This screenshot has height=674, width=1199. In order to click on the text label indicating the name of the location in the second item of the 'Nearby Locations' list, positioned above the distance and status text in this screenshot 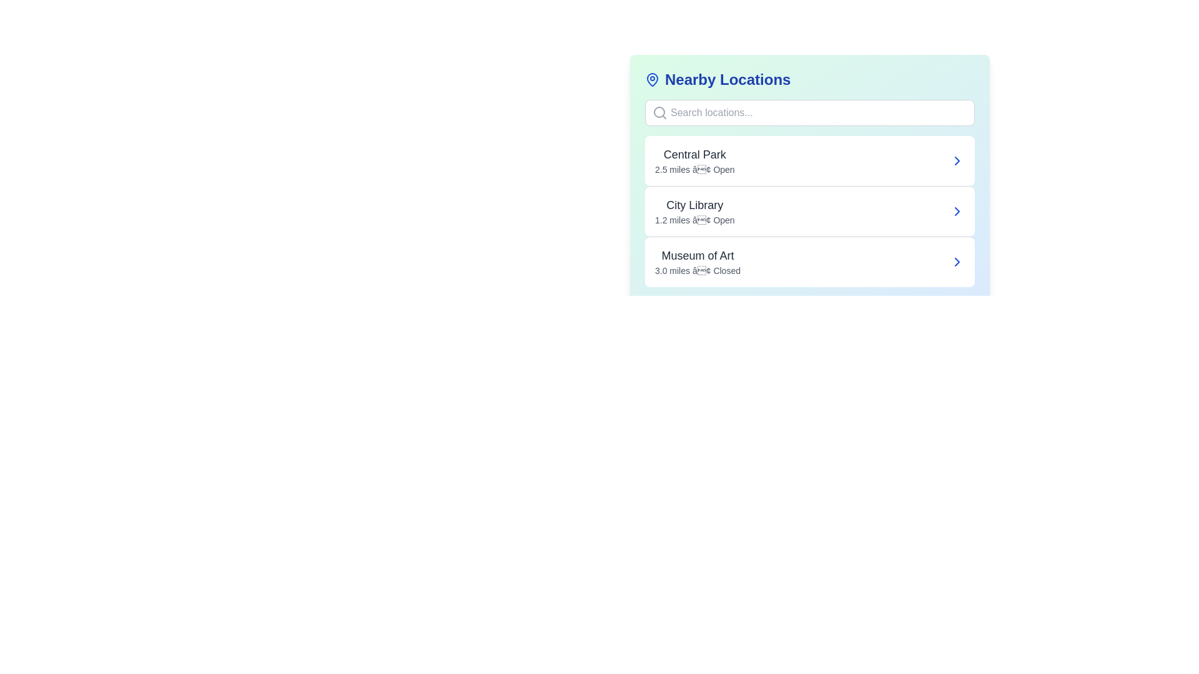, I will do `click(694, 204)`.